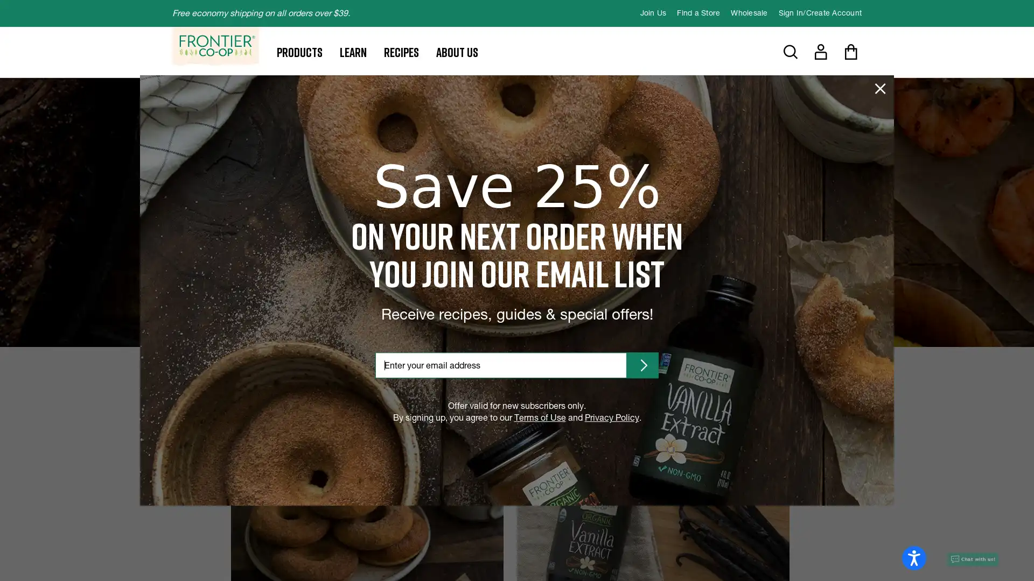 Image resolution: width=1034 pixels, height=581 pixels. Describe the element at coordinates (913, 557) in the screenshot. I see `Open accessibility options, statement and help` at that location.